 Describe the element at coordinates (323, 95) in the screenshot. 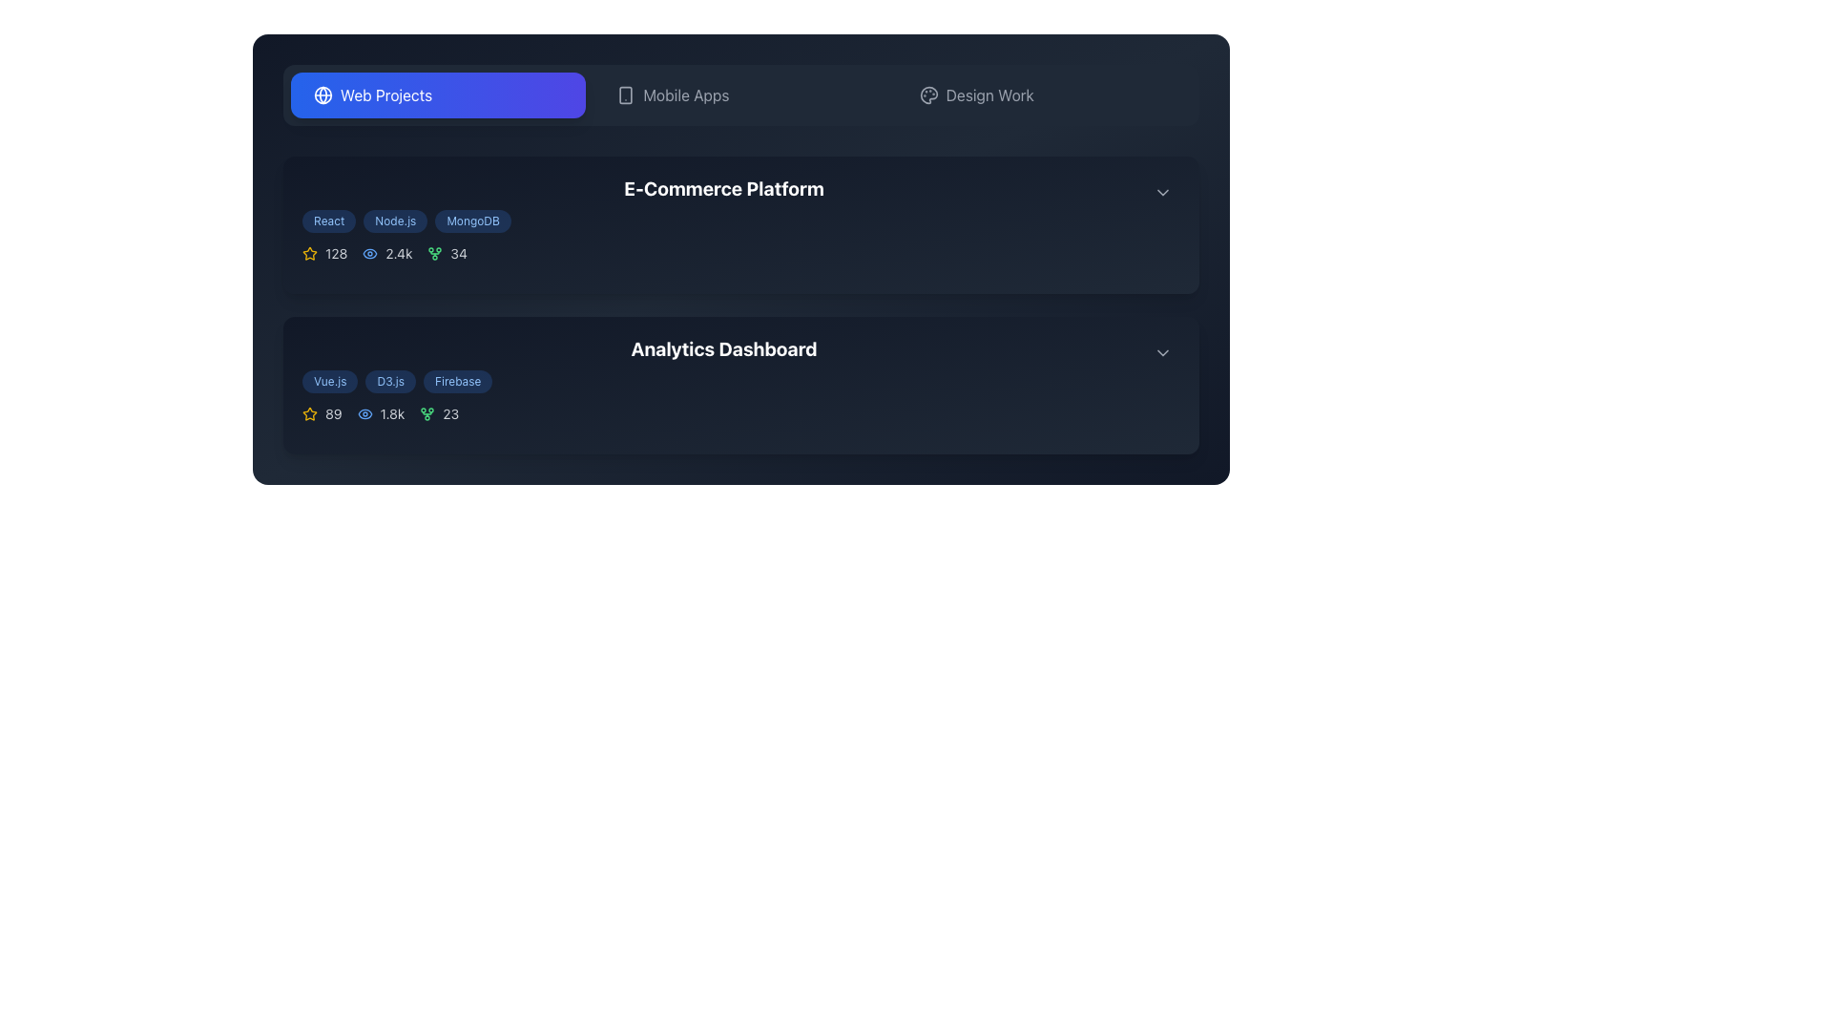

I see `the Circle element that forms the outline of the globe icon, which is part of an SVG graphic used for global settings or language selection` at that location.